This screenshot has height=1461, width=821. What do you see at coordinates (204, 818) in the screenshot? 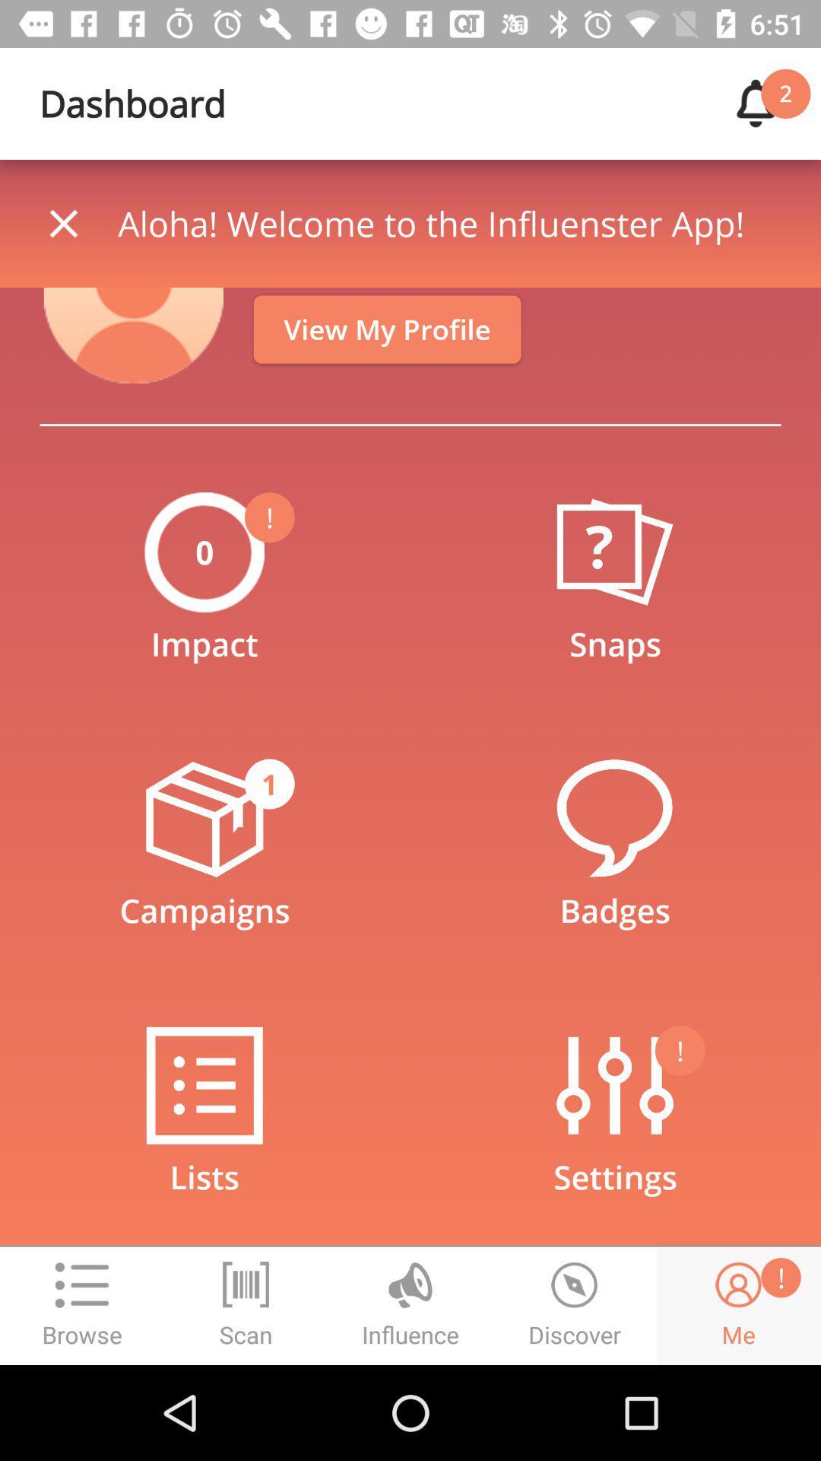
I see `the flight icon` at bounding box center [204, 818].